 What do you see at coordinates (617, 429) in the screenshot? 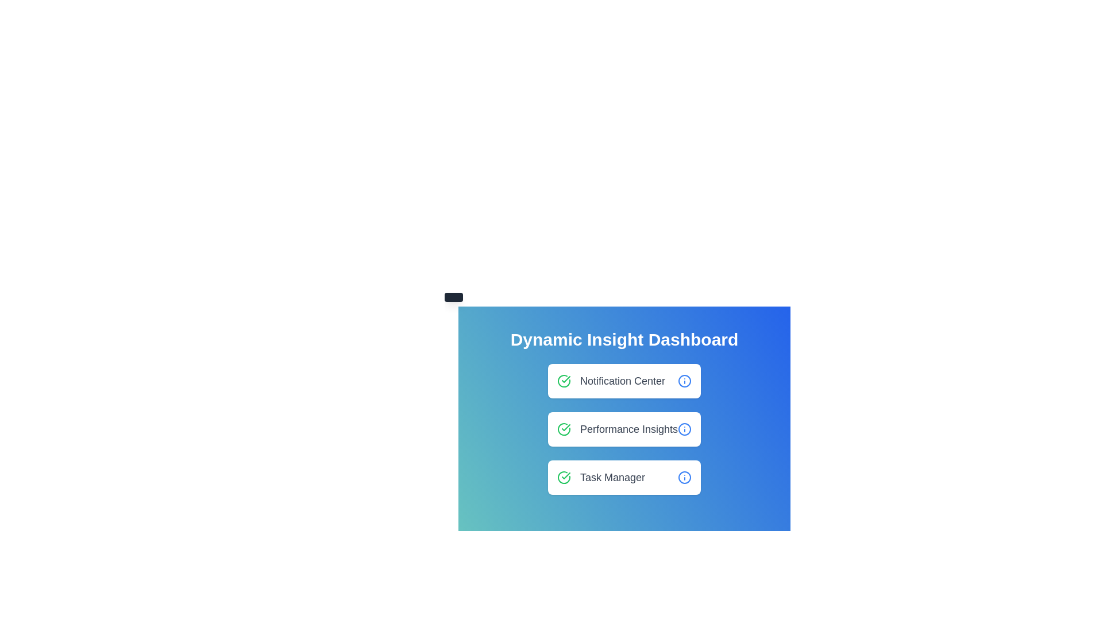
I see `text label 'Performance Insights' which is a medium-sized gray text label with a green circled checkmark icon on its left, located in the second row of a list within a card` at bounding box center [617, 429].